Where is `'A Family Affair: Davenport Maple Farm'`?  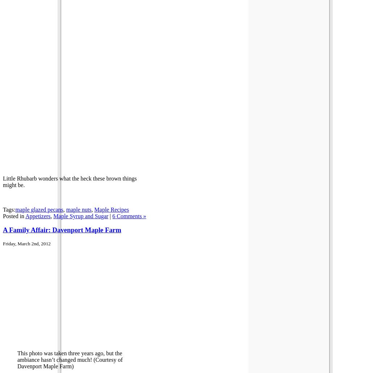
'A Family Affair: Davenport Maple Farm' is located at coordinates (62, 230).